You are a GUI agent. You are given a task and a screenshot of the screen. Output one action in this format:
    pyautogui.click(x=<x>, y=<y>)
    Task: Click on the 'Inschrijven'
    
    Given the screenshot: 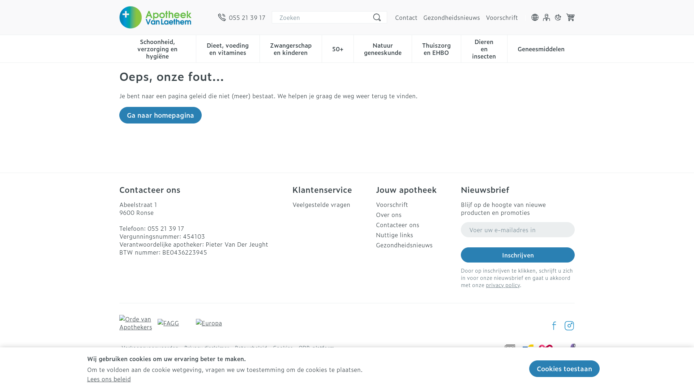 What is the action you would take?
    pyautogui.click(x=517, y=254)
    